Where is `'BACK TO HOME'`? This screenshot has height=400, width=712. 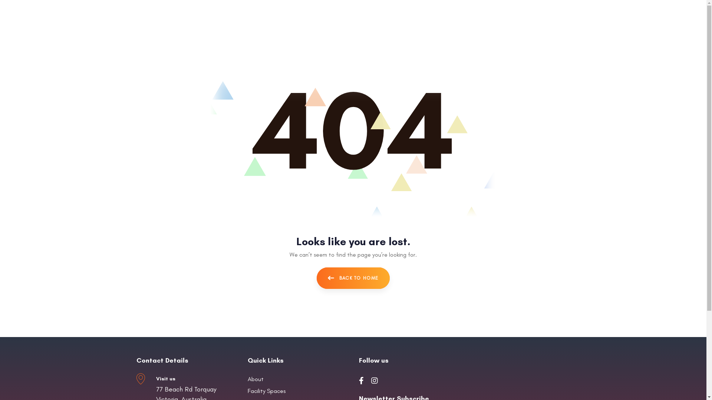
'BACK TO HOME' is located at coordinates (353, 278).